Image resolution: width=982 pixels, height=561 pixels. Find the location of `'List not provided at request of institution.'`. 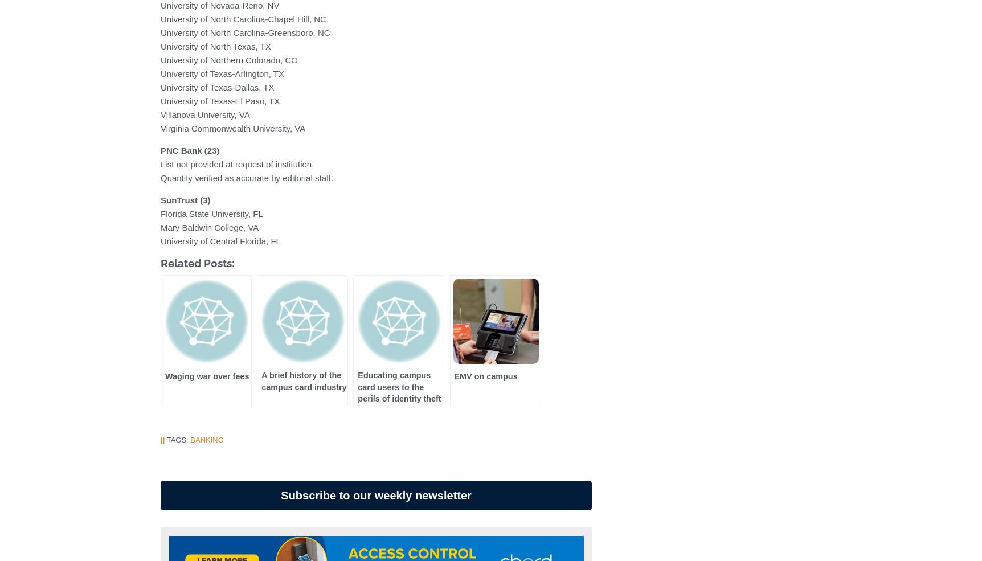

'List not provided at request of institution.' is located at coordinates (236, 163).